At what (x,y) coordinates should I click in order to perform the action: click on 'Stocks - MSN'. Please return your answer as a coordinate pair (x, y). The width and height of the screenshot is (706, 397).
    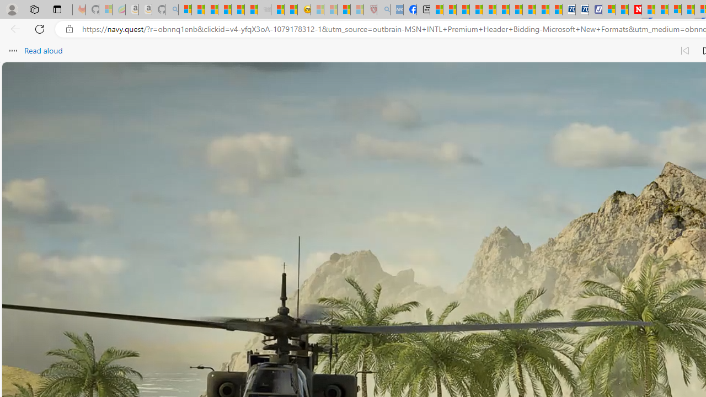
    Looking at the image, I should click on (250, 9).